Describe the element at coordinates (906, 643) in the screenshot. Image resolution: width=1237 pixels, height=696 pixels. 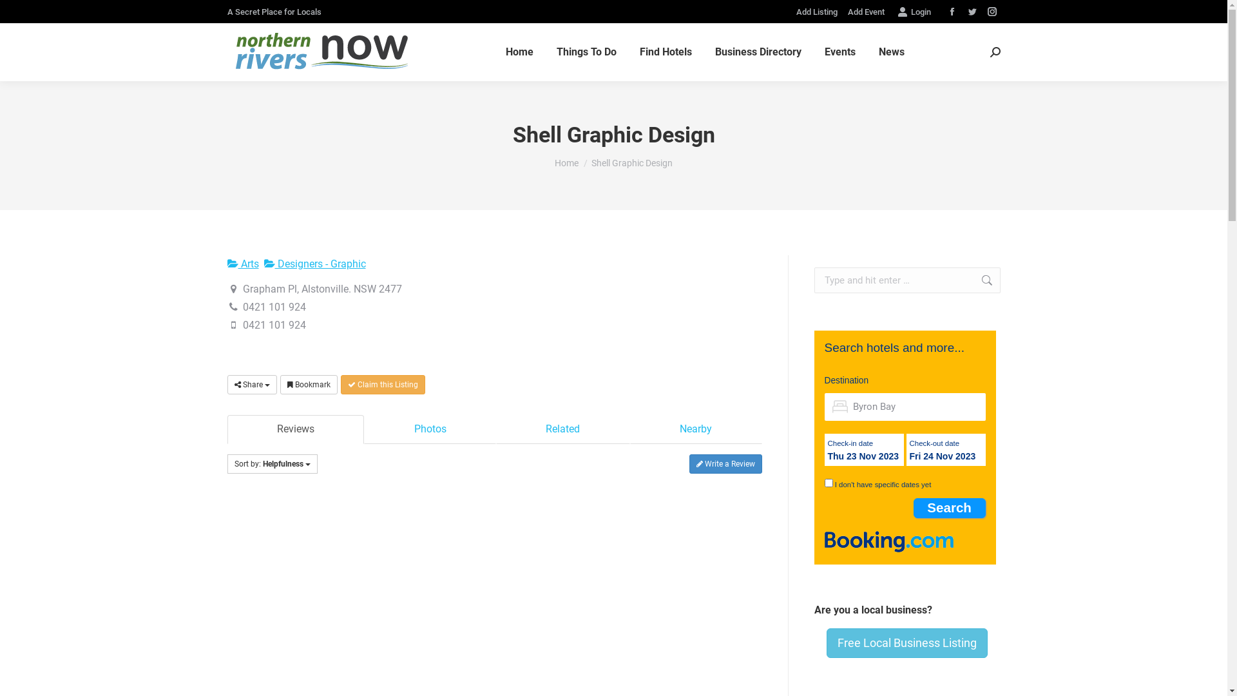
I see `'Free Local Business Listing'` at that location.